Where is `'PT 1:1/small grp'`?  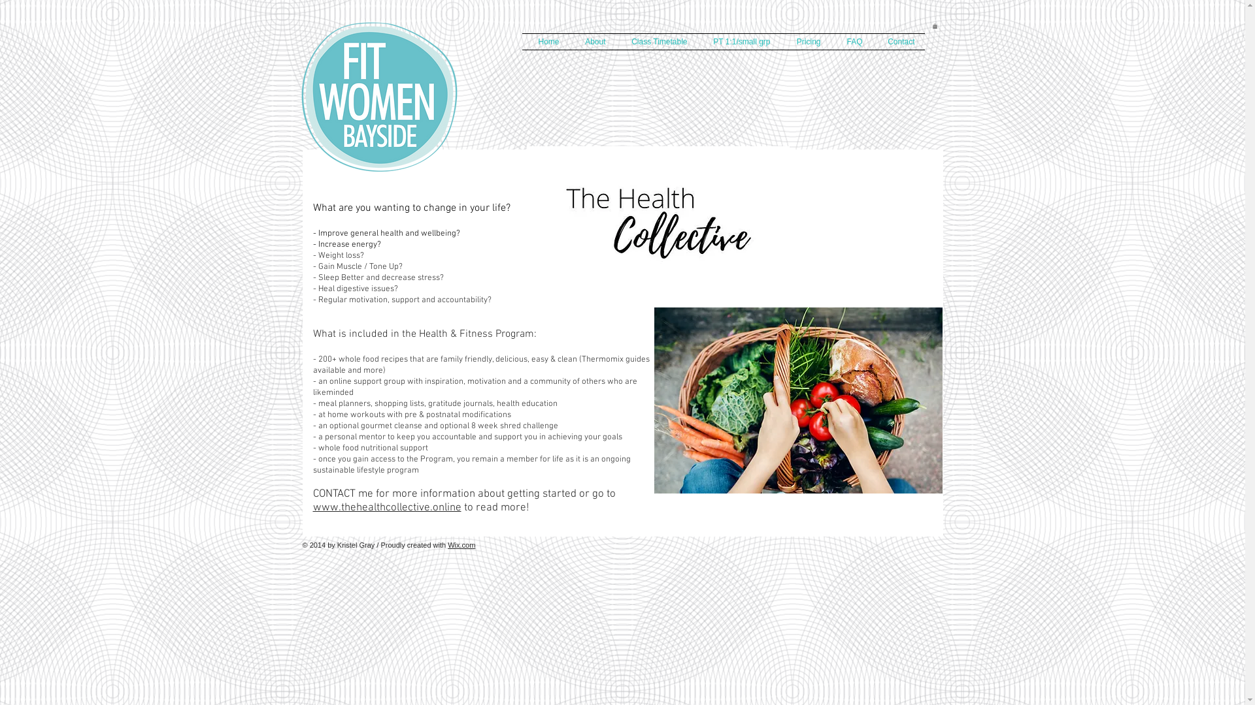
'PT 1:1/small grp' is located at coordinates (695, 41).